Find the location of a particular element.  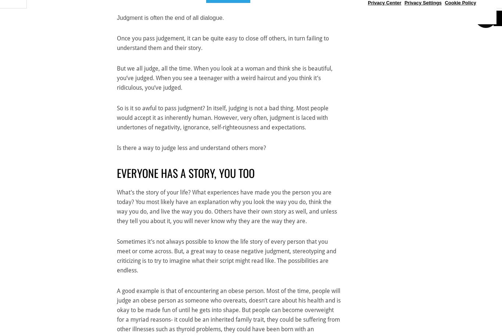

'But we all judge, all the time. When you look at a woman and think she is beautiful, you’ve judged. When you see a teenager with a weird haircut and you think it’s ridiculous, you’ve judged.' is located at coordinates (224, 78).